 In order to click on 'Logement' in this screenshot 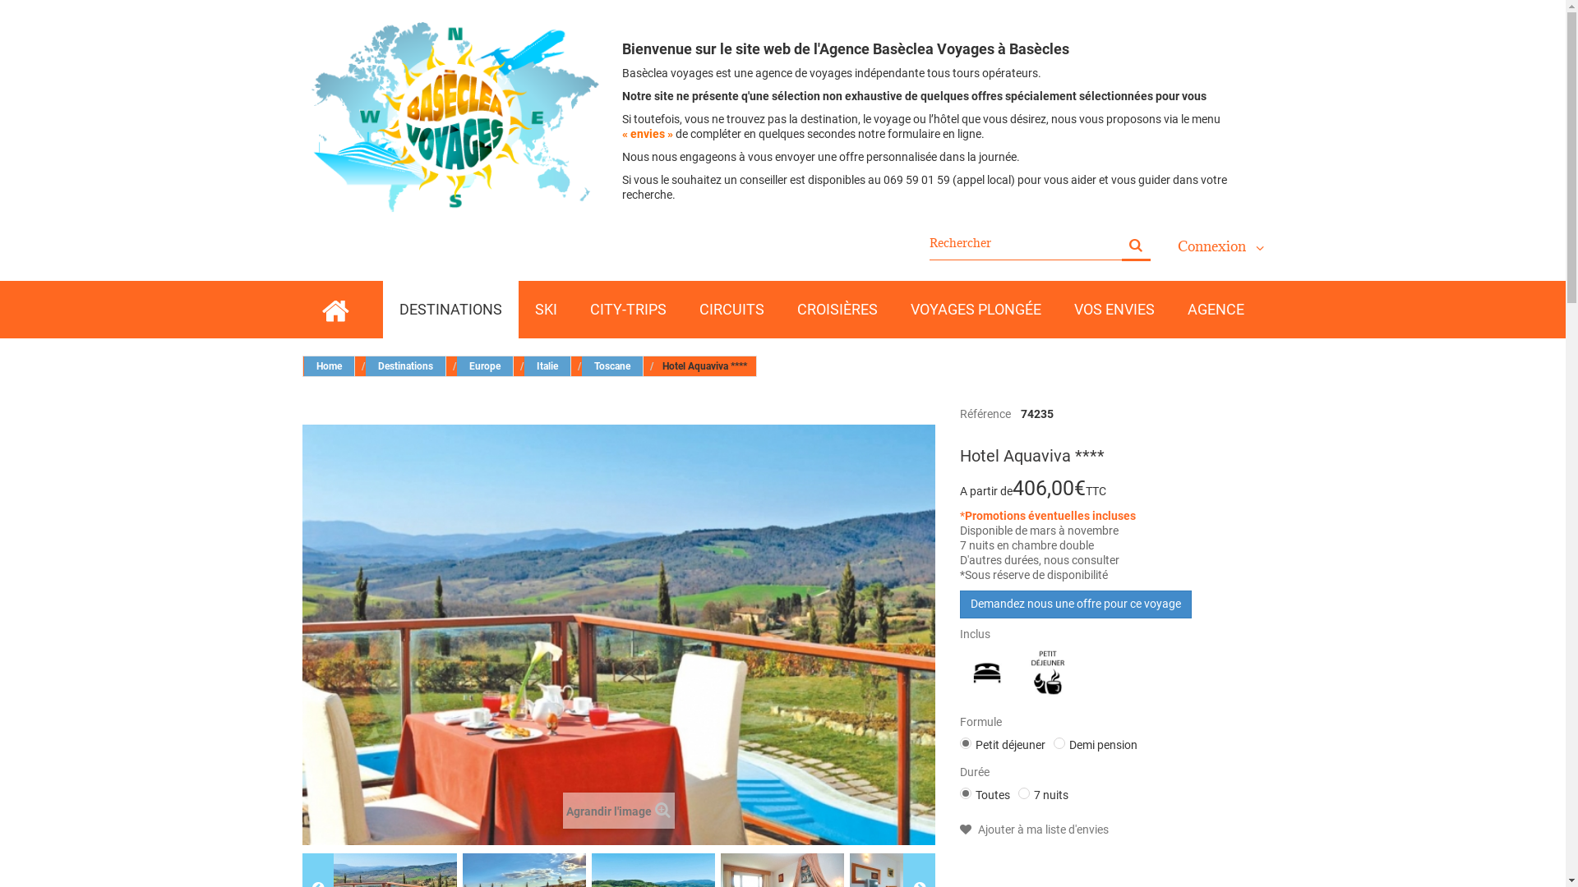, I will do `click(986, 672)`.